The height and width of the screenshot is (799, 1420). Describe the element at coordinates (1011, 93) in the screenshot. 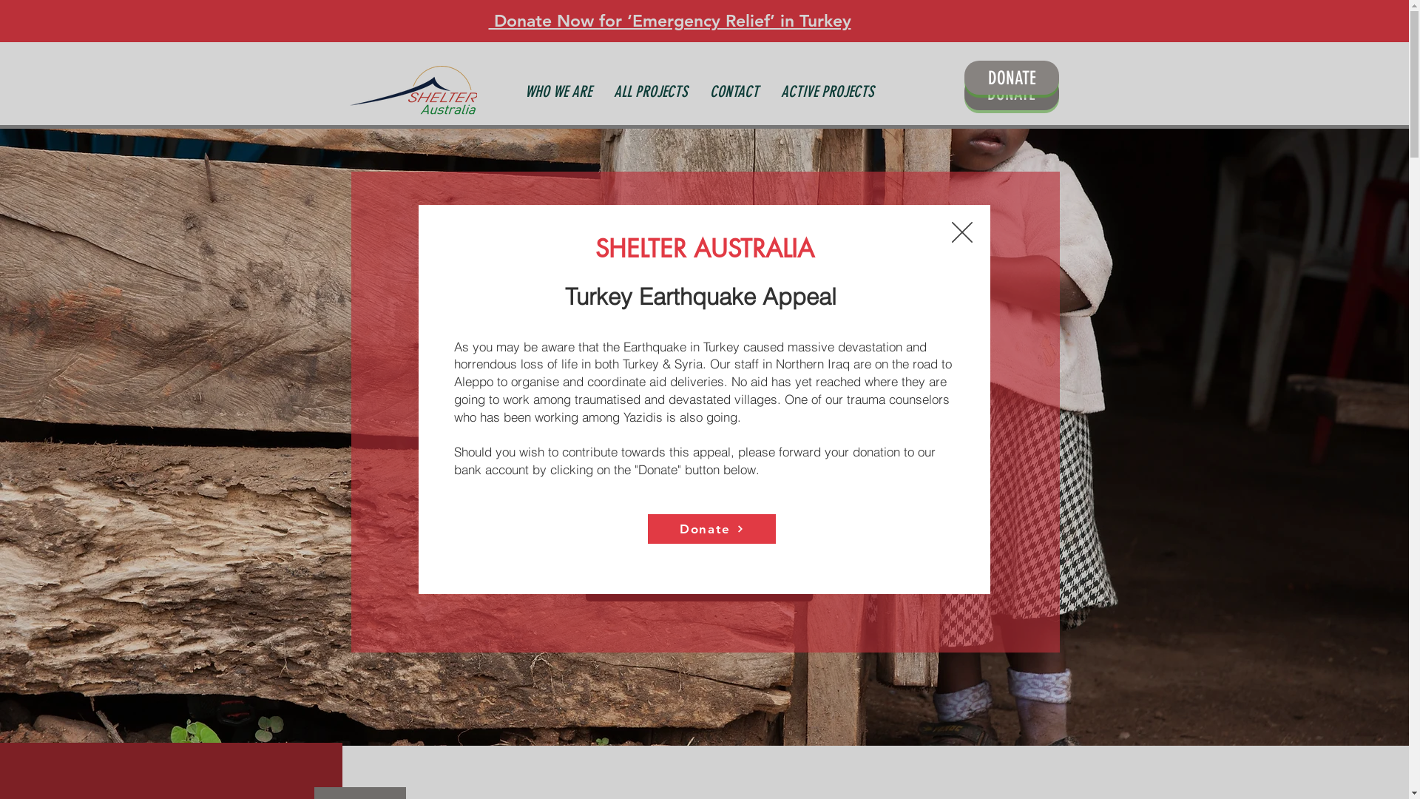

I see `'DONATE'` at that location.